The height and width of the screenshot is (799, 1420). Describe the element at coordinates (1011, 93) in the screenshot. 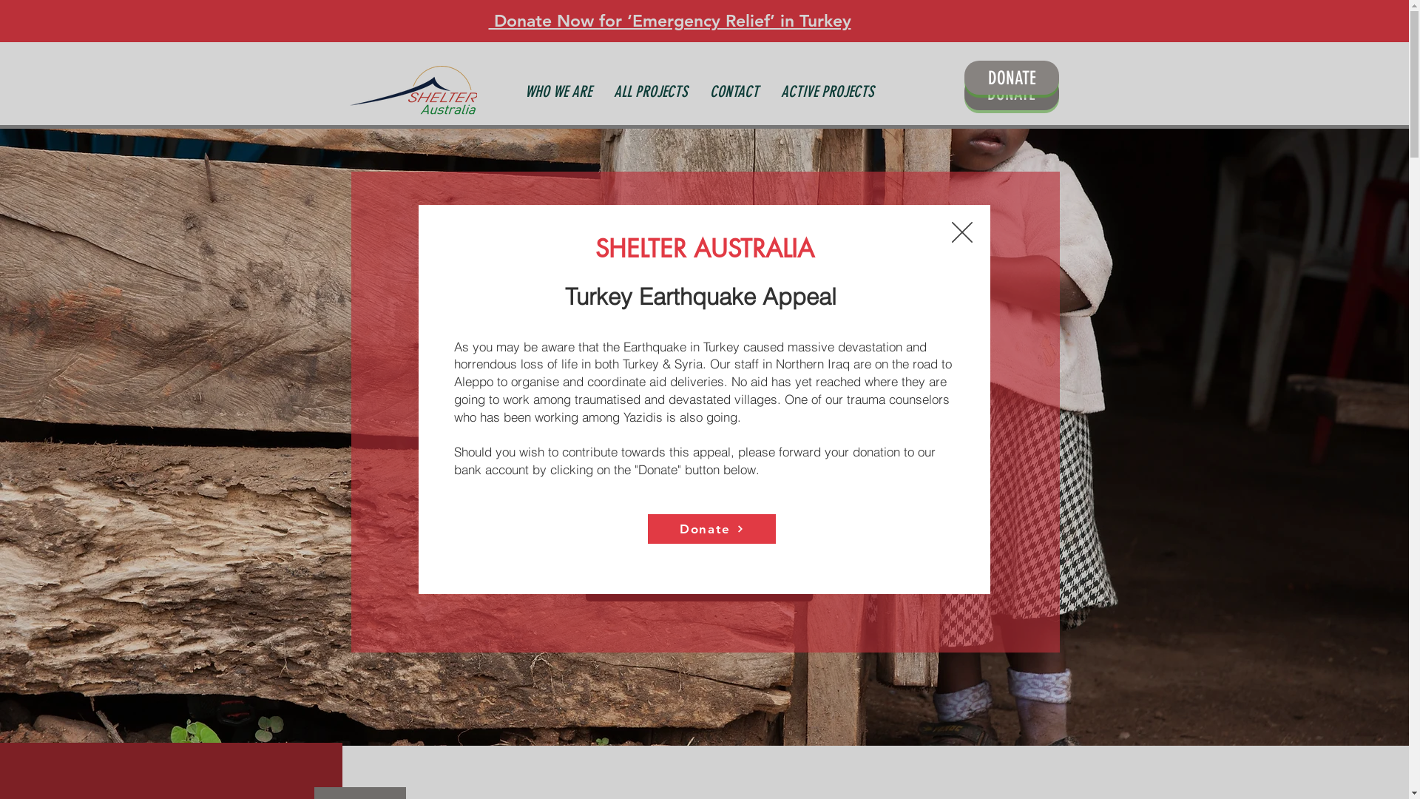

I see `'DONATE'` at that location.